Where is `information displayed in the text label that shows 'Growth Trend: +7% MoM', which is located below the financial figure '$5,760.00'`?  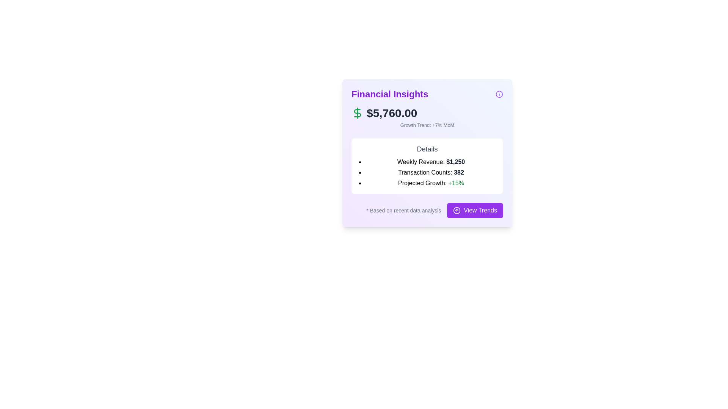 information displayed in the text label that shows 'Growth Trend: +7% MoM', which is located below the financial figure '$5,760.00' is located at coordinates (427, 125).